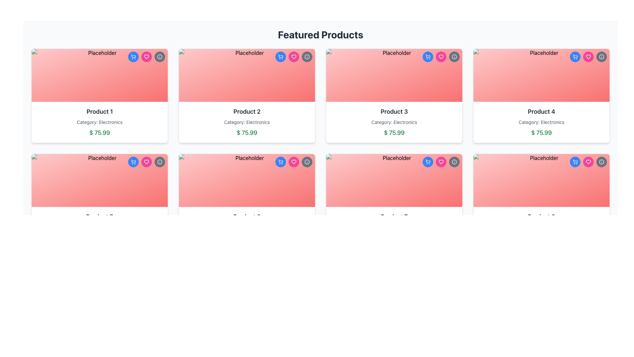 This screenshot has width=634, height=357. I want to click on the informational icon button located in the top-right corner of the Product 2 card, so click(307, 57).